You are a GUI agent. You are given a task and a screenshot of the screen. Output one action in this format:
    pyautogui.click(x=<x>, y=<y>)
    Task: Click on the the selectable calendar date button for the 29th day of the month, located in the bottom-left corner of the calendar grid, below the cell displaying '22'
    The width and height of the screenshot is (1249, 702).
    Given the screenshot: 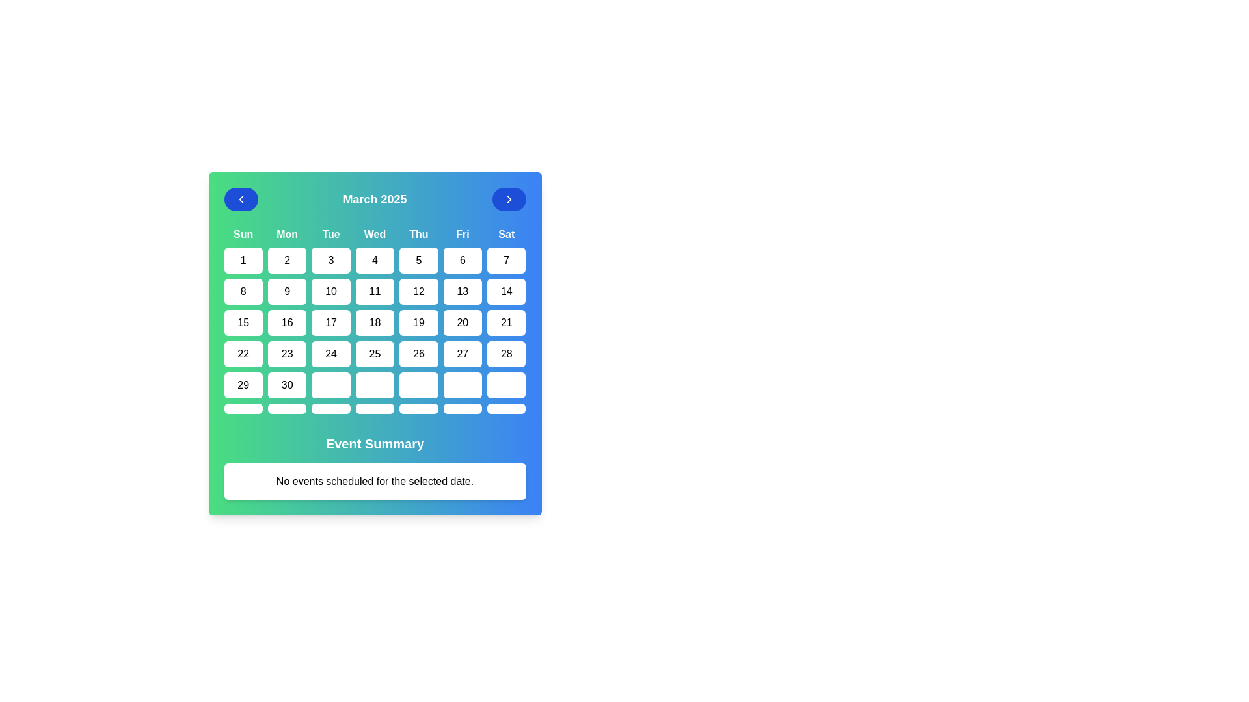 What is the action you would take?
    pyautogui.click(x=243, y=385)
    